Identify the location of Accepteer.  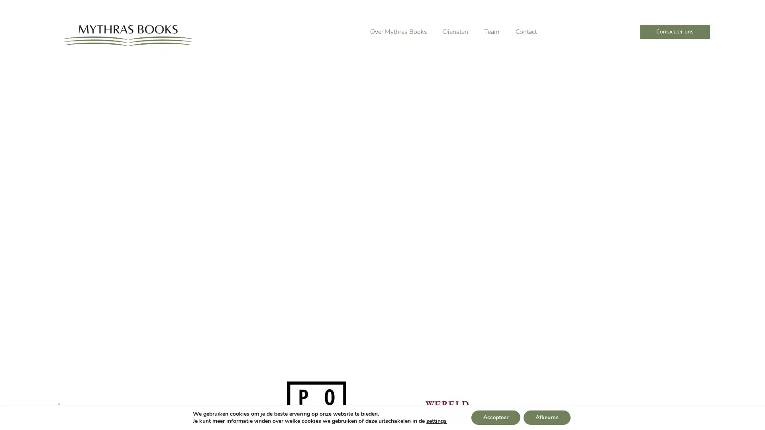
(495, 417).